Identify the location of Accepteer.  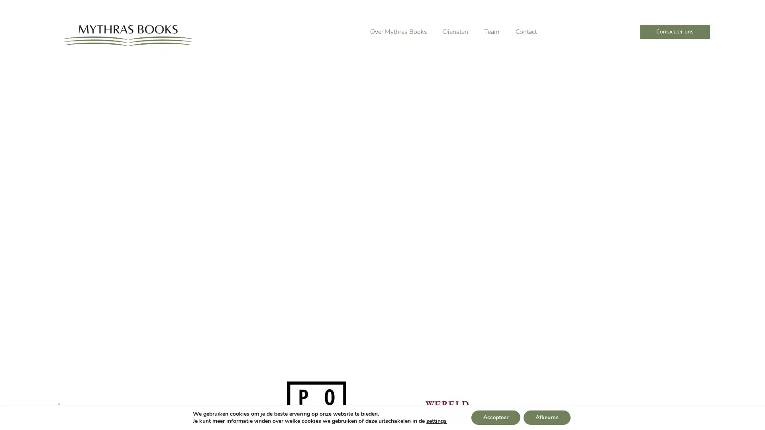
(495, 417).